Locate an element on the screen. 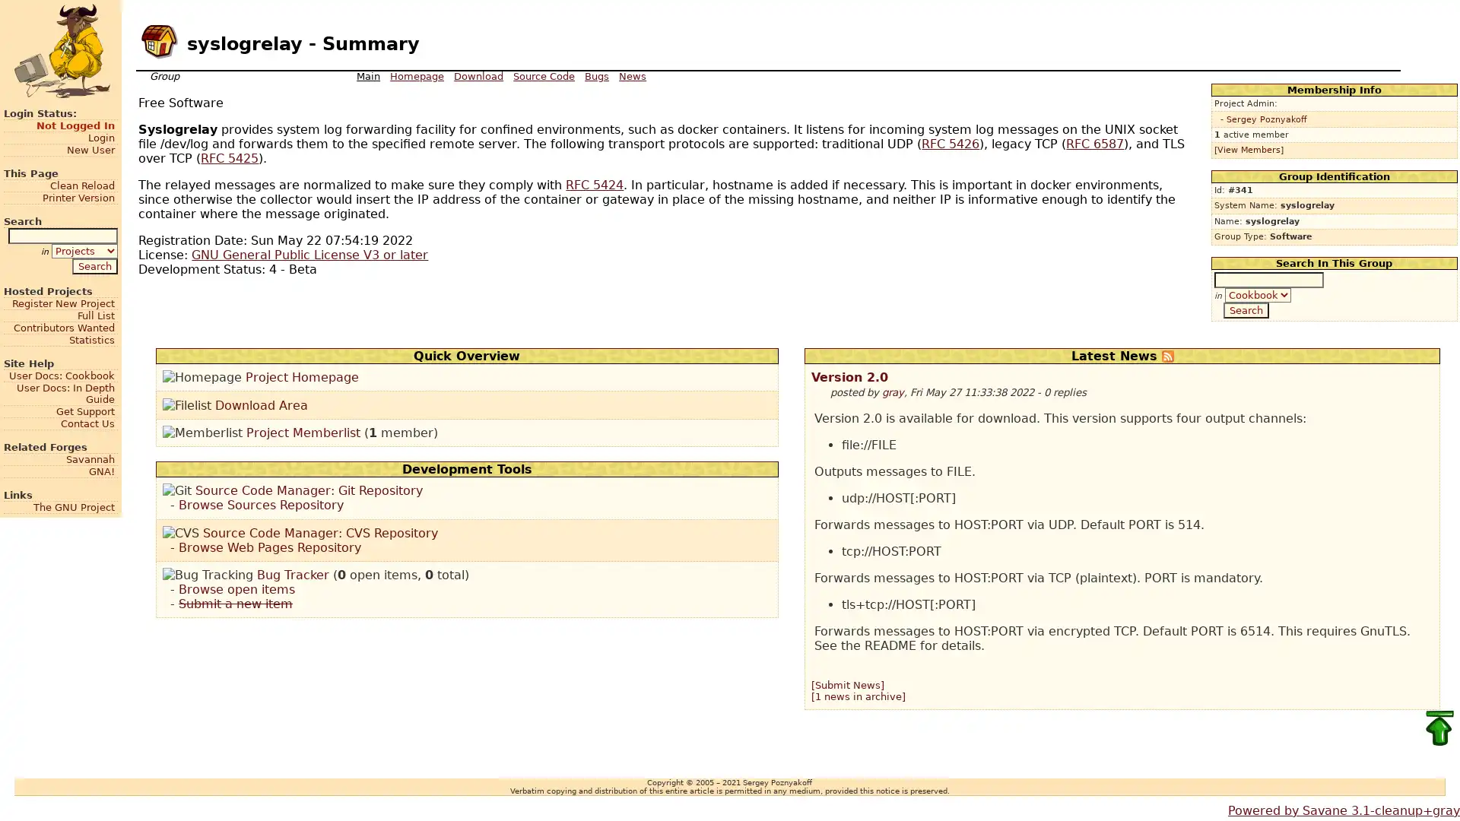 The height and width of the screenshot is (821, 1460). Search is located at coordinates (1245, 309).